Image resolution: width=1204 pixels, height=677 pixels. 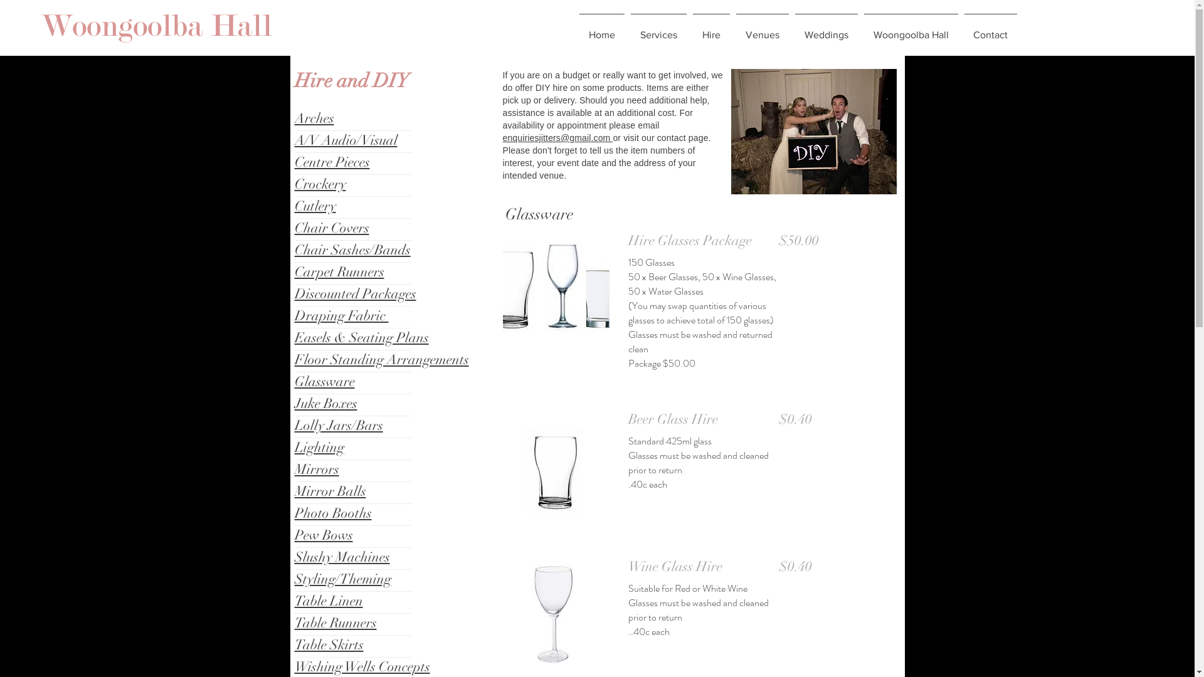 I want to click on 'Table Linen', so click(x=329, y=600).